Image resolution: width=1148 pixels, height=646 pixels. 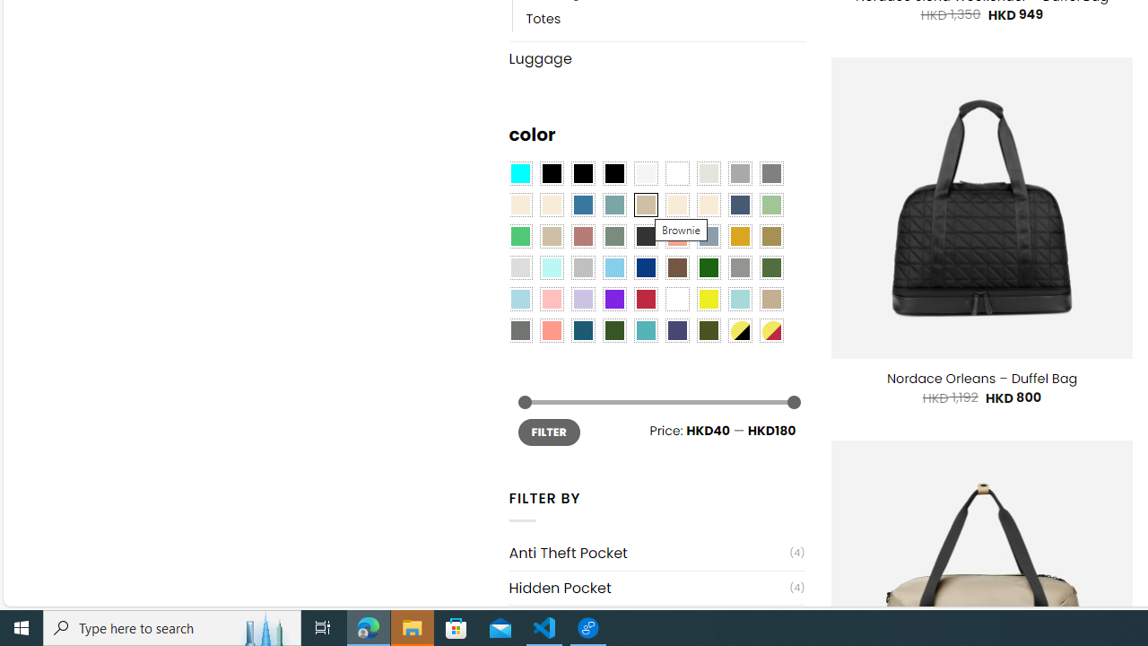 What do you see at coordinates (551, 267) in the screenshot?
I see `'Mint'` at bounding box center [551, 267].